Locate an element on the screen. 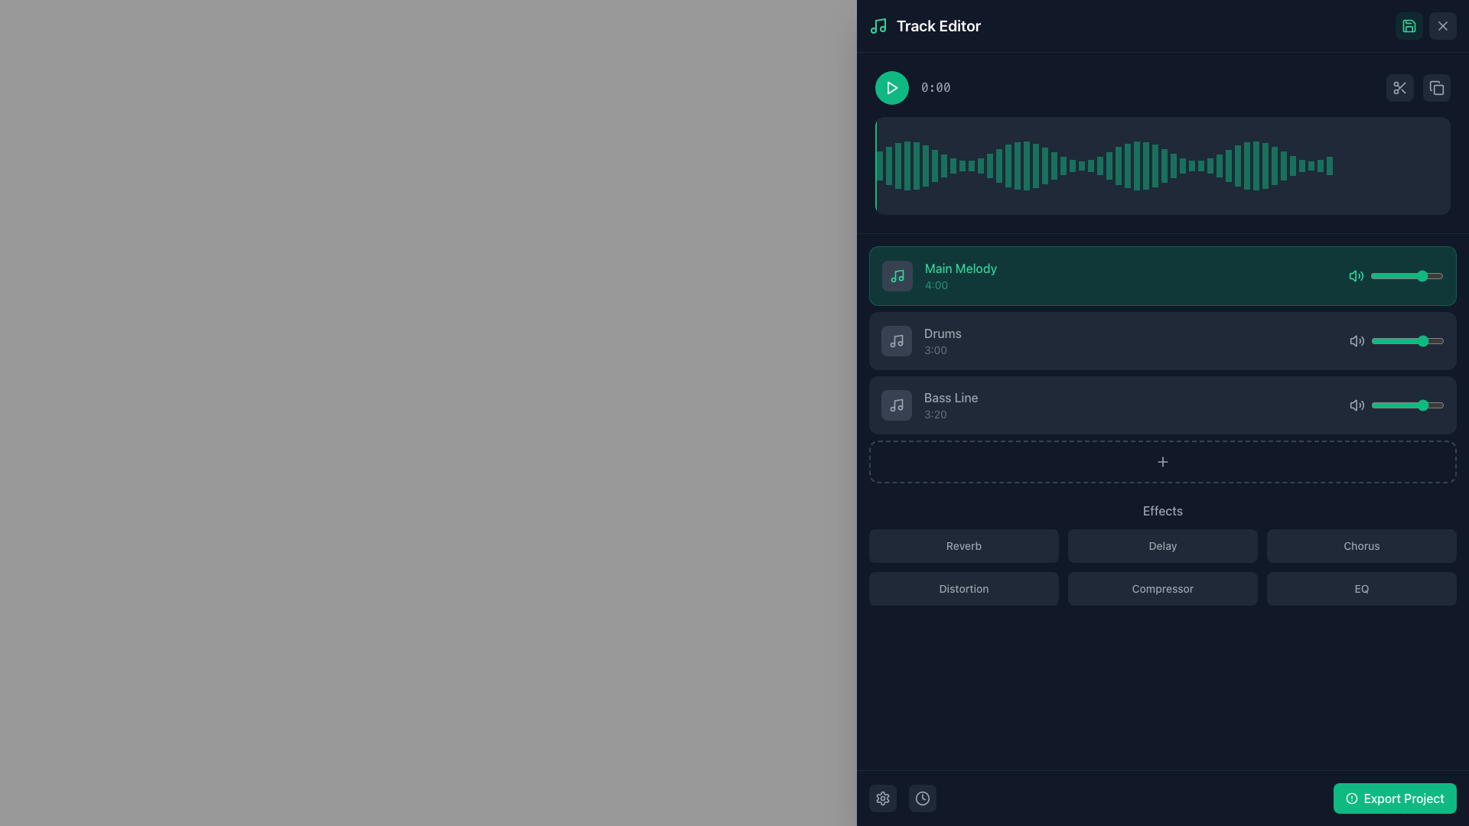 The image size is (1469, 826). the 17th vertical emerald green Waveform bar within the waveform visualization component in the top-right of the interface is located at coordinates (1027, 165).